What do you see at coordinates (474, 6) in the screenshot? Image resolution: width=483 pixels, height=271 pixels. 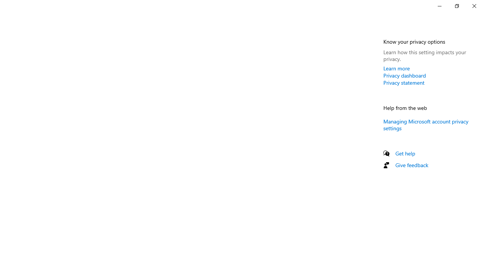 I see `'Close Settings'` at bounding box center [474, 6].